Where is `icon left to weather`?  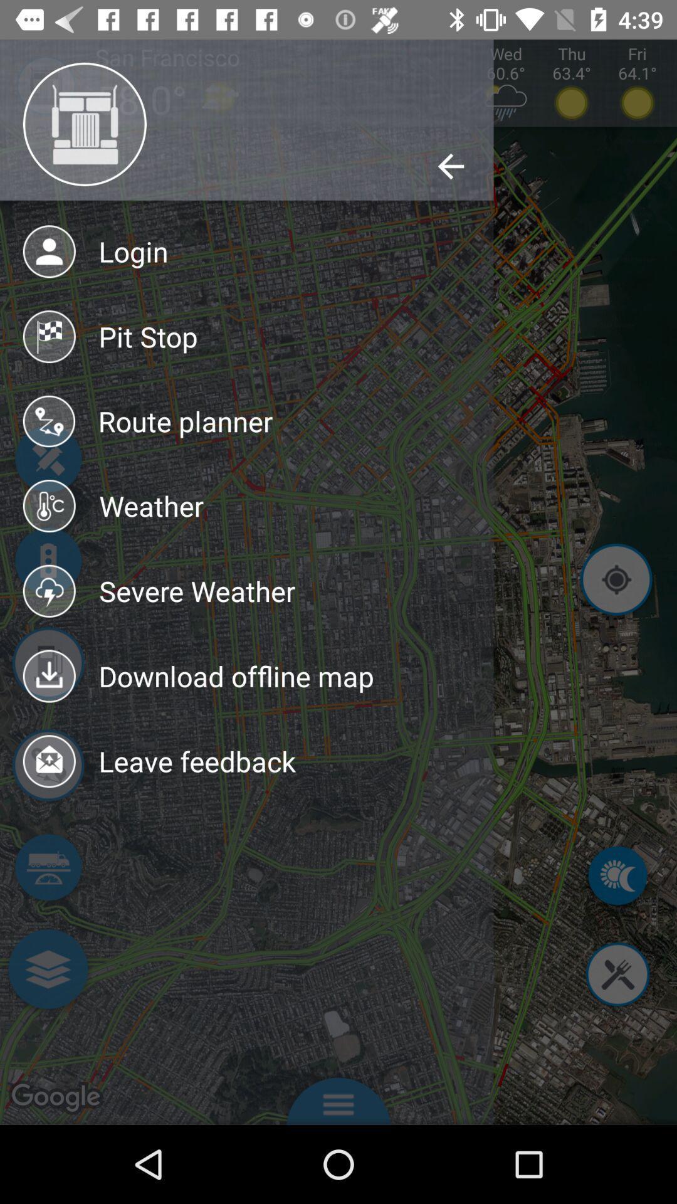
icon left to weather is located at coordinates (49, 505).